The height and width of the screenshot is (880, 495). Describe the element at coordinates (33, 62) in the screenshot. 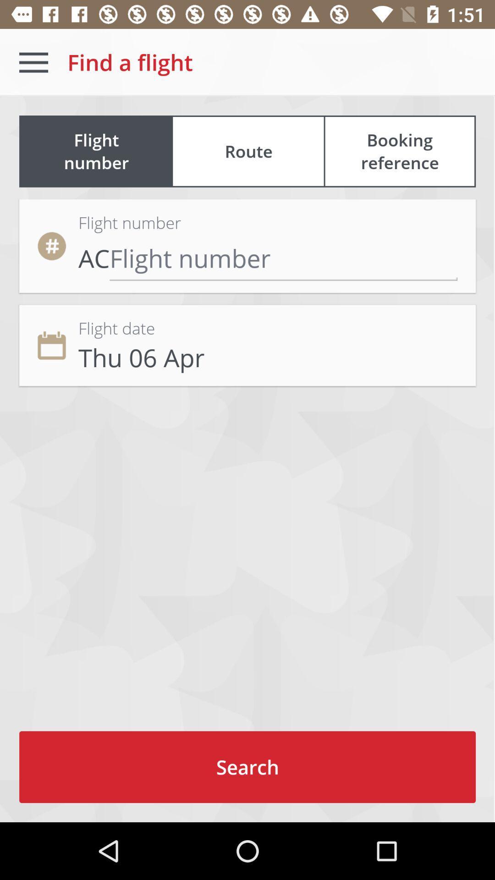

I see `the icon to the left of the find a flight` at that location.